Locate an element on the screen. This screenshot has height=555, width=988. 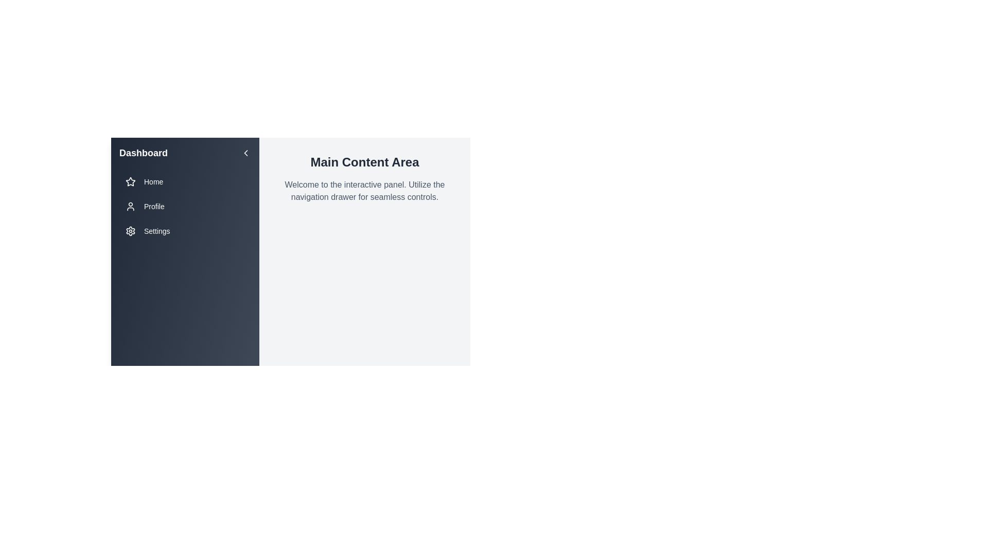
the text box containing the message 'Welcome to the interactive panel. Utilize the navigation drawer for seamless controls.' which is located below the bold title 'Main Content Area' is located at coordinates (365, 191).